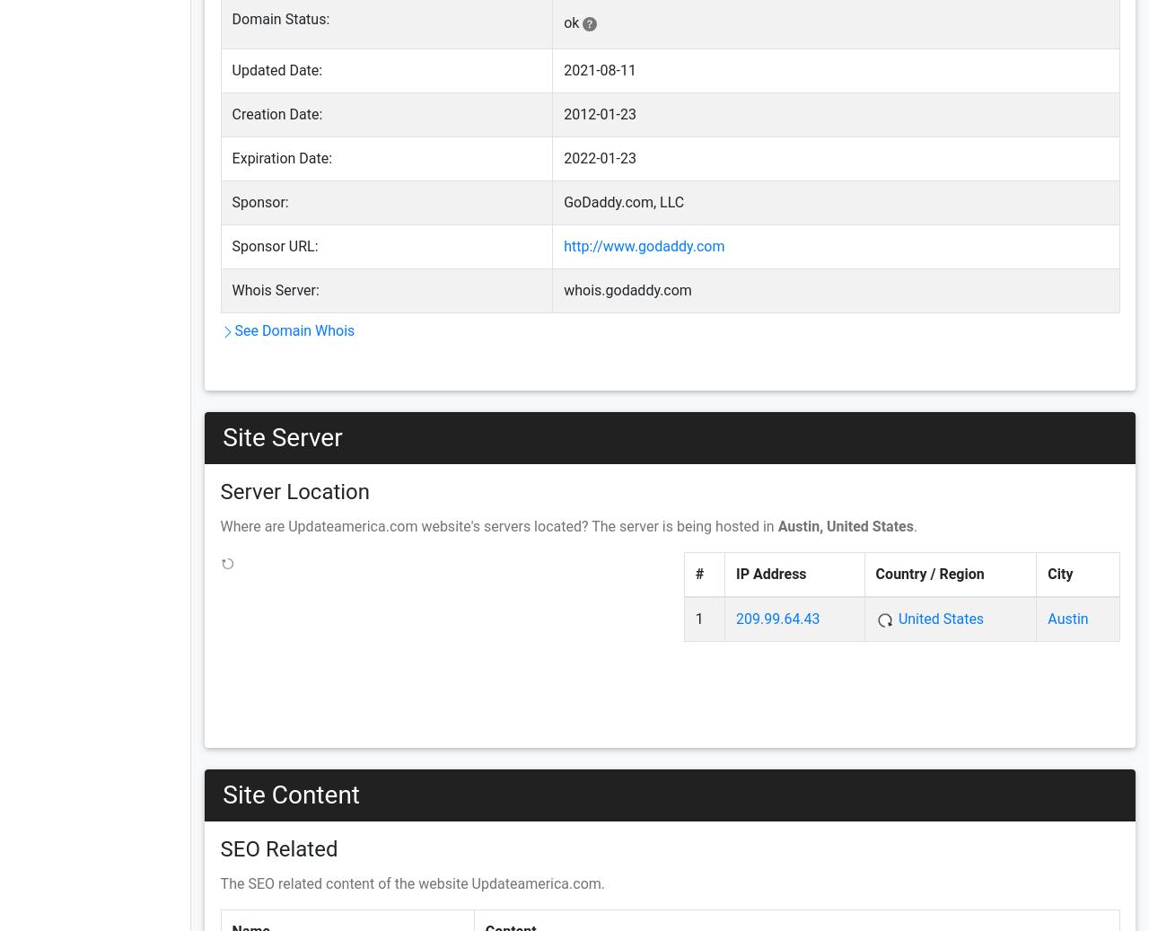 The height and width of the screenshot is (931, 1149). What do you see at coordinates (291, 794) in the screenshot?
I see `'Site Content'` at bounding box center [291, 794].